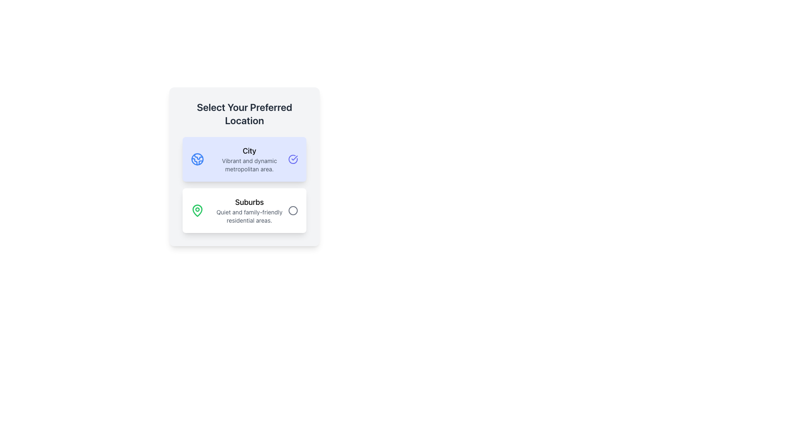  I want to click on the circular icon located to the right of the 'Suburbs' text and description within the card labeled 'Suburbs', so click(293, 210).